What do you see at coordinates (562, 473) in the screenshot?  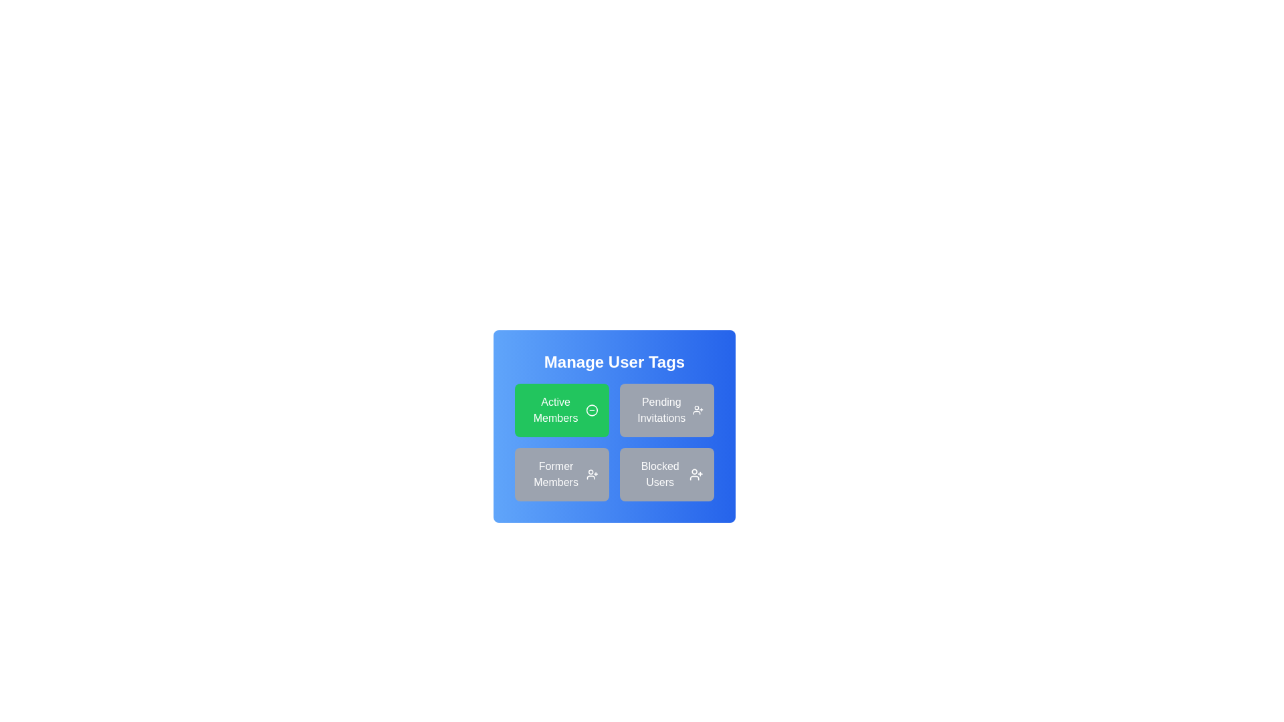 I see `the 'Former Members' button, which is a medium gray rectangular button with rounded corners containing the text 'Former Members' and a user icon with a plus sign on the right edge, located in the lower-left corner of a four-button grid` at bounding box center [562, 473].